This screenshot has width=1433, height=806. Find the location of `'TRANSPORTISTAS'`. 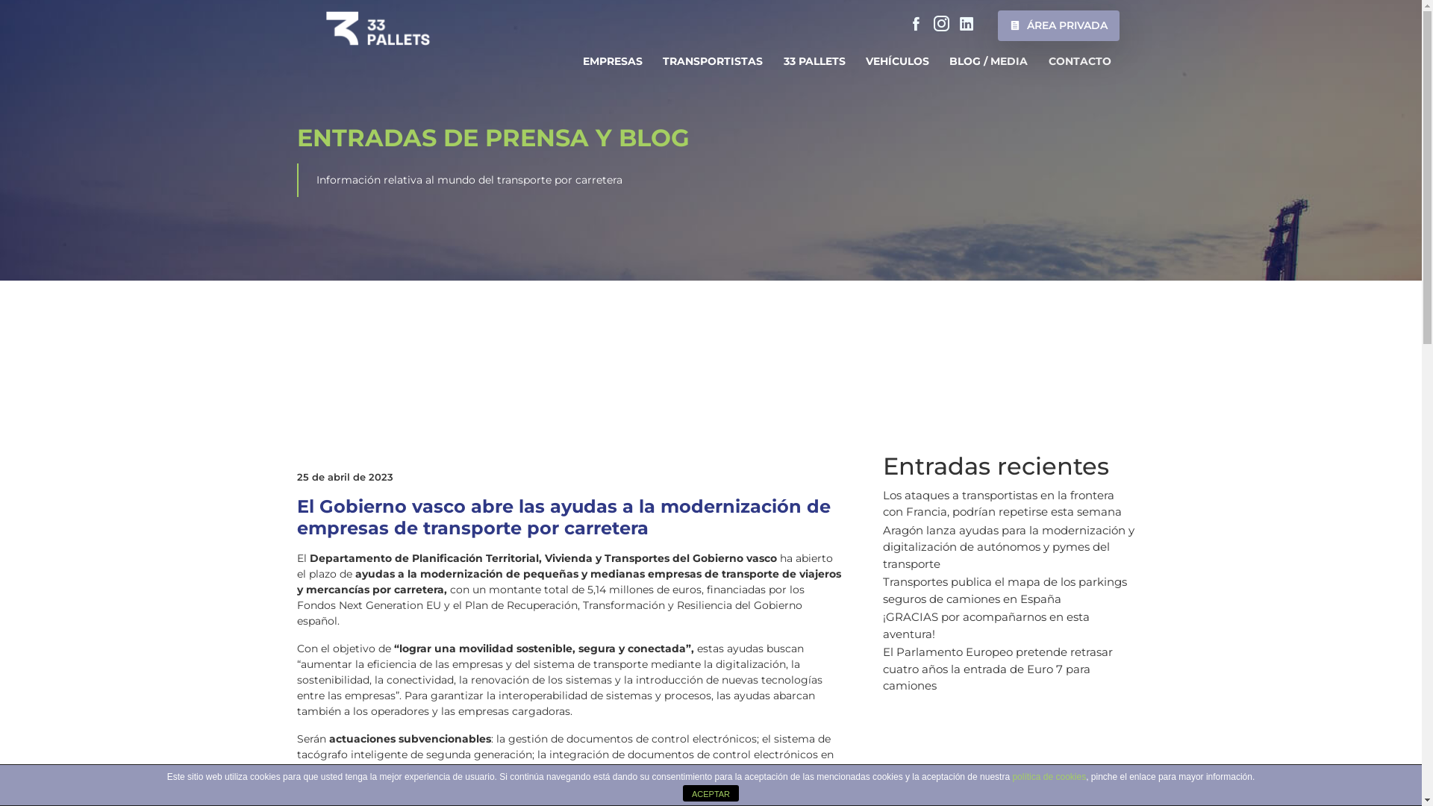

'TRANSPORTISTAS' is located at coordinates (655, 61).